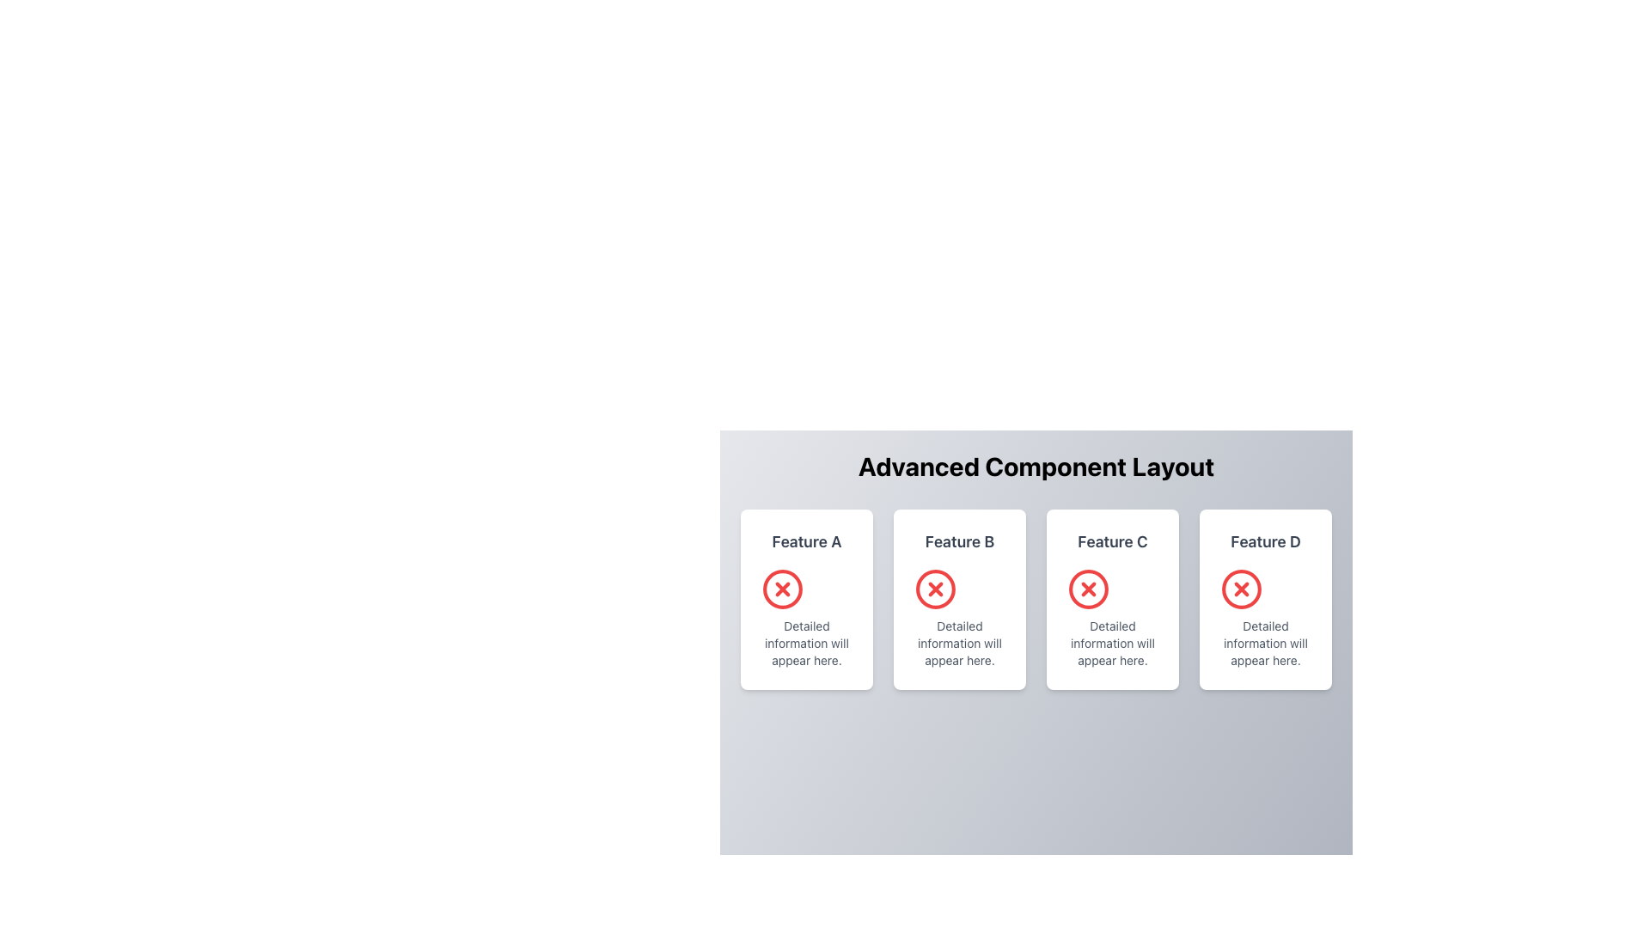 This screenshot has height=928, width=1650. I want to click on on the prominent text label 'Feature B' which is the title within the second card of the vertical layout under 'Advanced Component Layout', so click(959, 541).